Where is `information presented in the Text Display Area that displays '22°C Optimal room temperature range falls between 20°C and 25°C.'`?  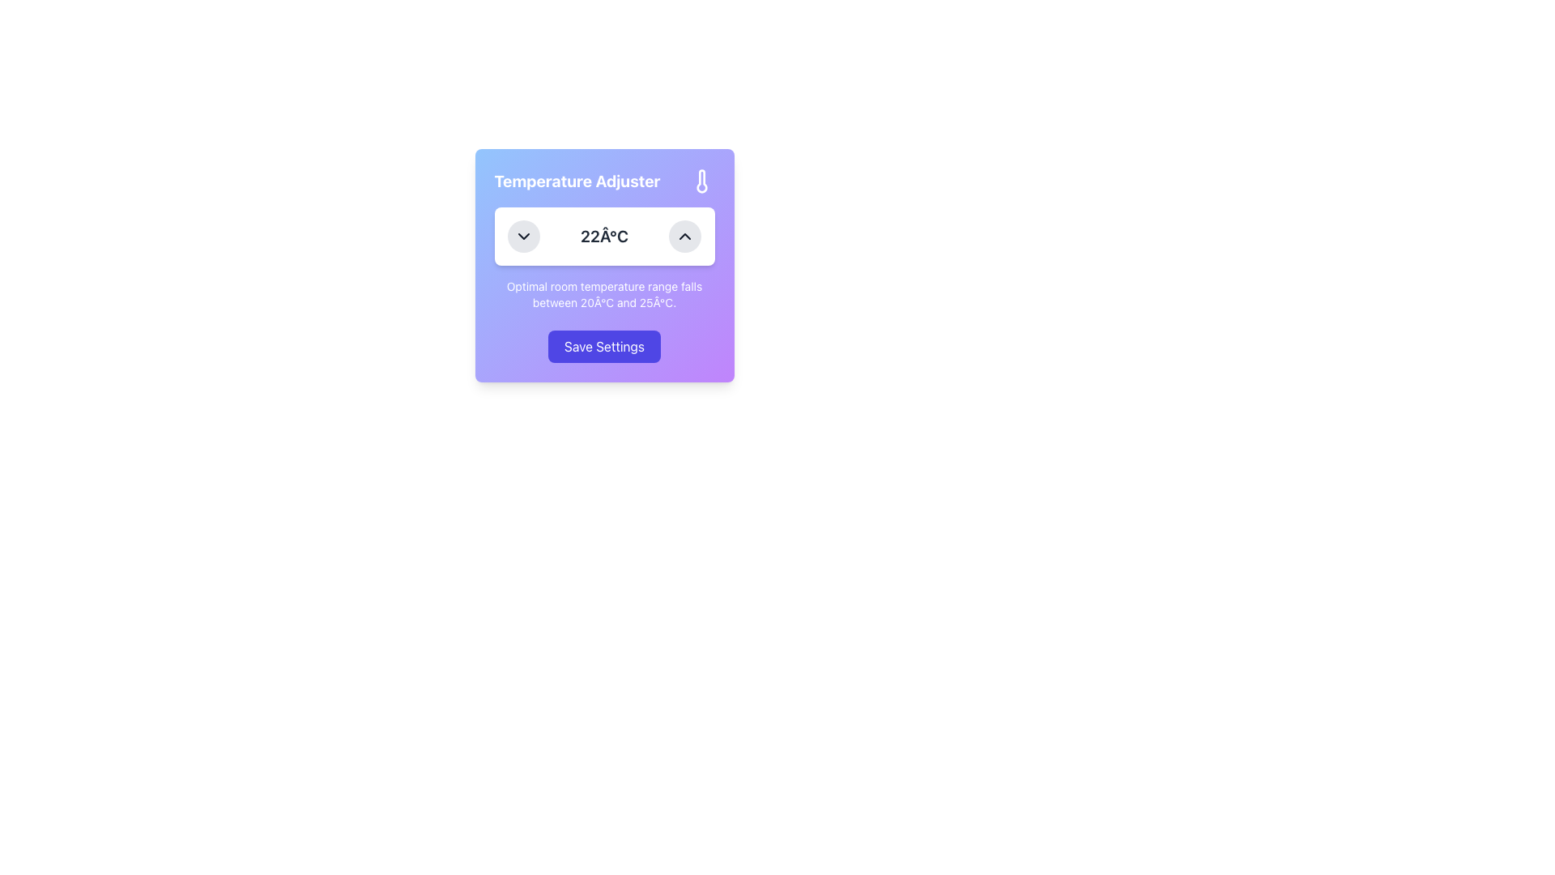 information presented in the Text Display Area that displays '22°C Optimal room temperature range falls between 20°C and 25°C.' is located at coordinates (603, 258).